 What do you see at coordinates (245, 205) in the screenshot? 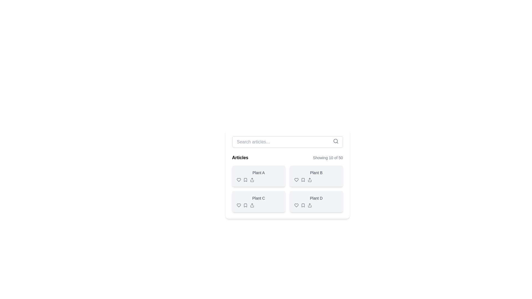
I see `the bookmark icon located below the 'Plant C' label in the 'Articles' section` at bounding box center [245, 205].